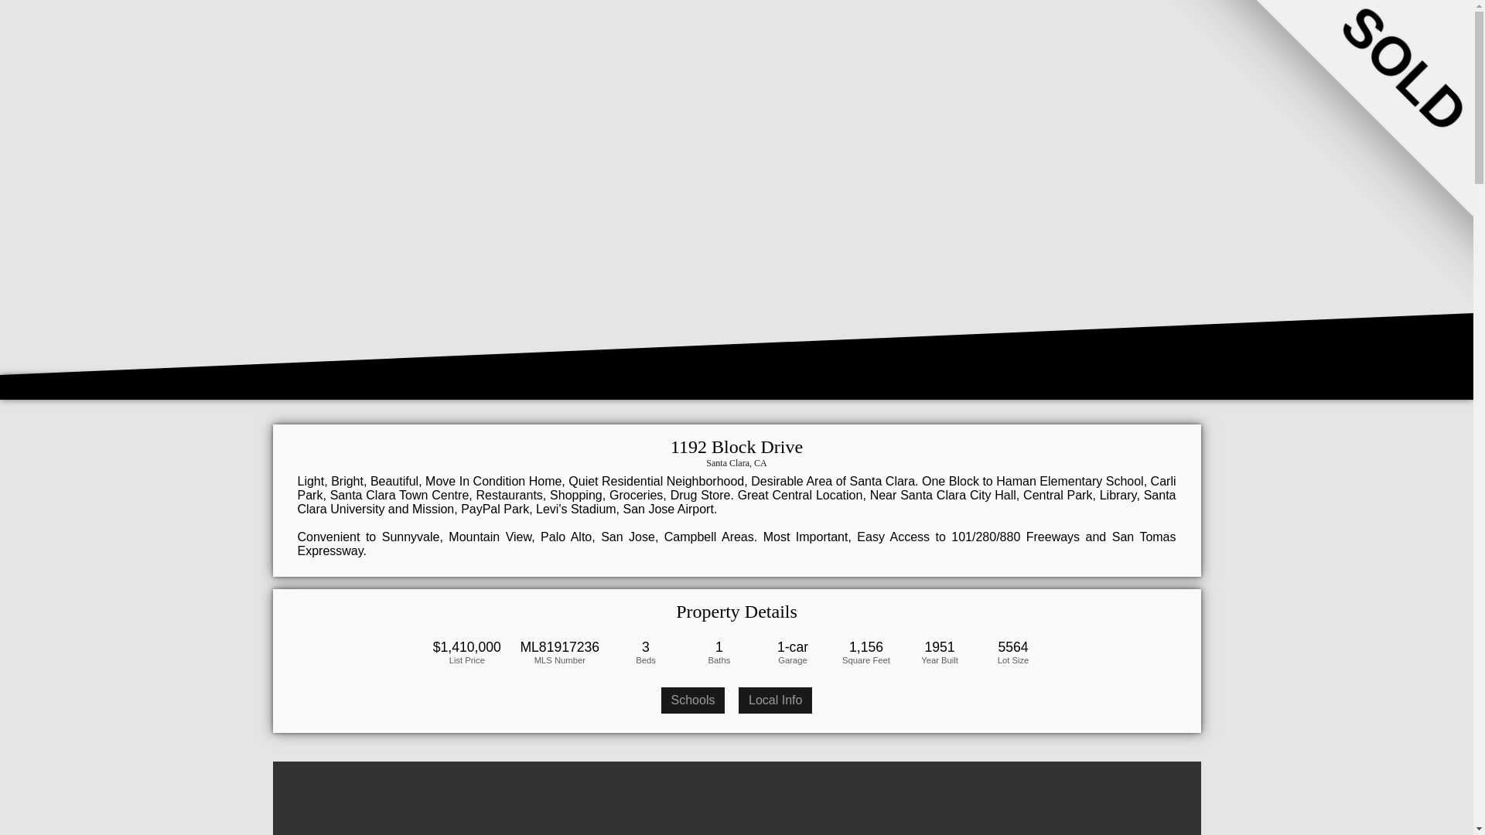 The height and width of the screenshot is (835, 1485). I want to click on 'Schools', so click(692, 700).